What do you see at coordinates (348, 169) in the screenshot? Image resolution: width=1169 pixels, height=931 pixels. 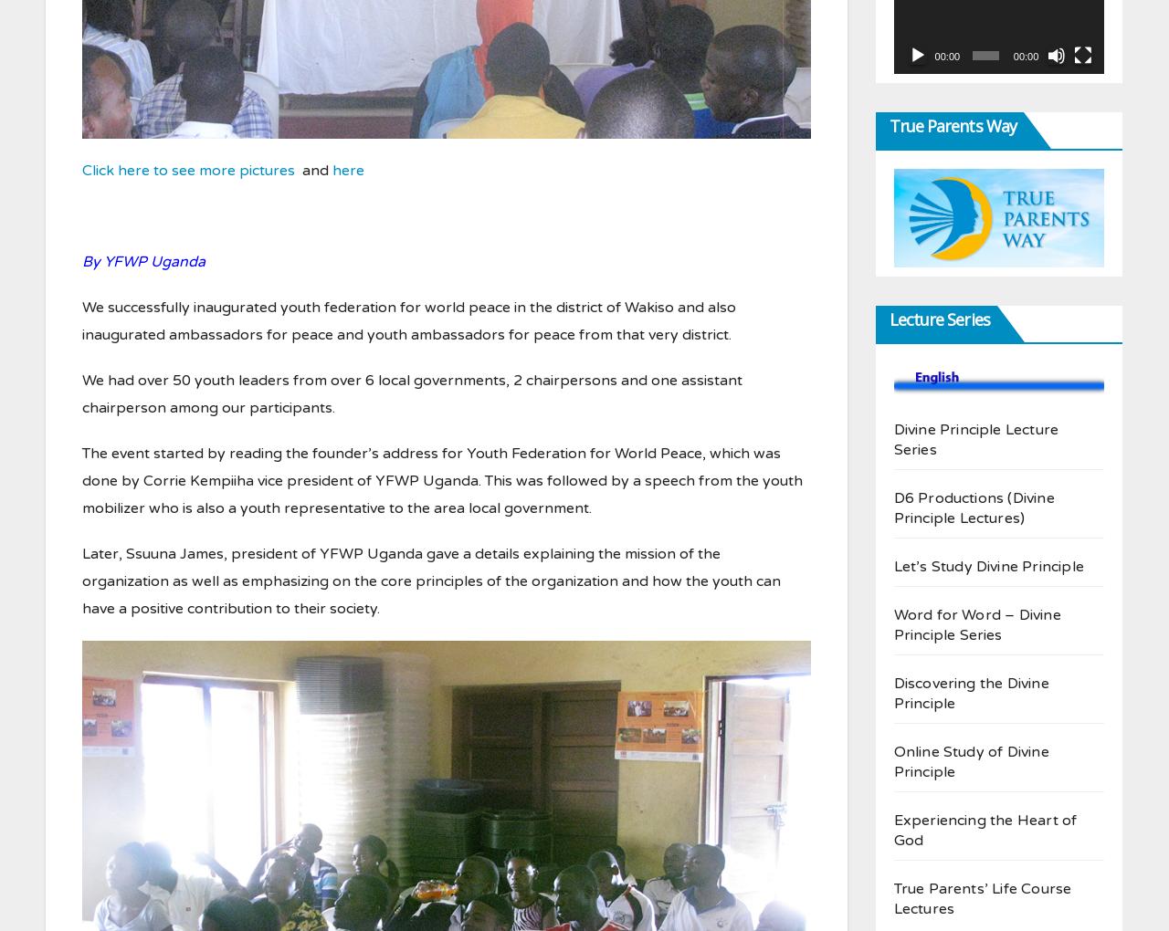 I see `'here'` at bounding box center [348, 169].